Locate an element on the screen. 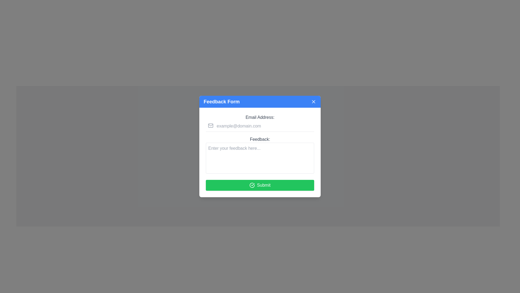  text from the Label that says 'Feedback:', which is styled in a medium-weight gray font and positioned above the textarea input is located at coordinates (260, 139).